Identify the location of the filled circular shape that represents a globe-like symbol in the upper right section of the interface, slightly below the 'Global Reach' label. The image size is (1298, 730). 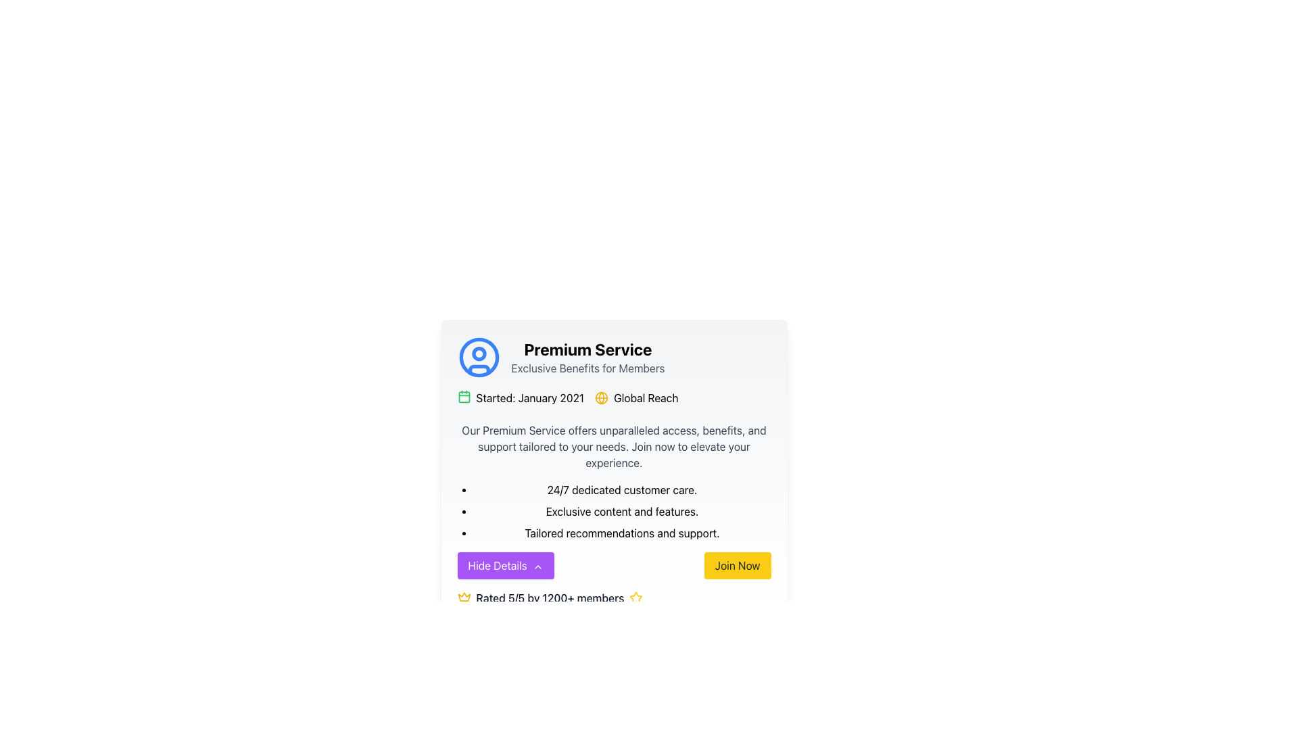
(601, 397).